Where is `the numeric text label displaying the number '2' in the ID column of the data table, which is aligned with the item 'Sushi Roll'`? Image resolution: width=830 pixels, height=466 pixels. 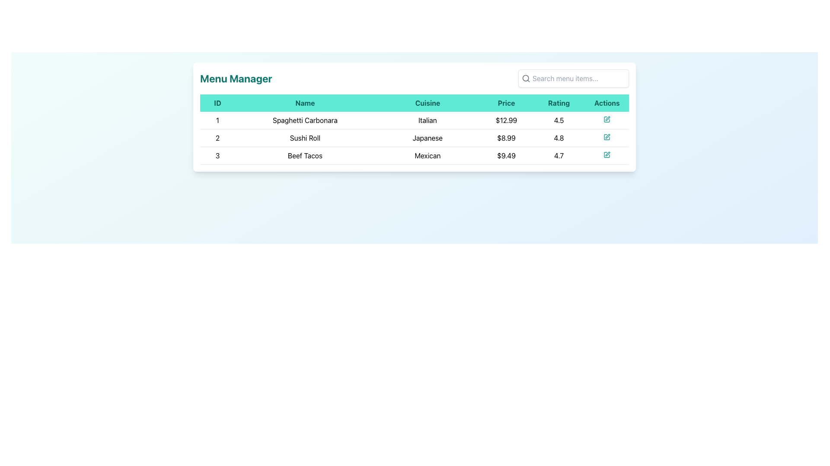
the numeric text label displaying the number '2' in the ID column of the data table, which is aligned with the item 'Sushi Roll' is located at coordinates (217, 138).